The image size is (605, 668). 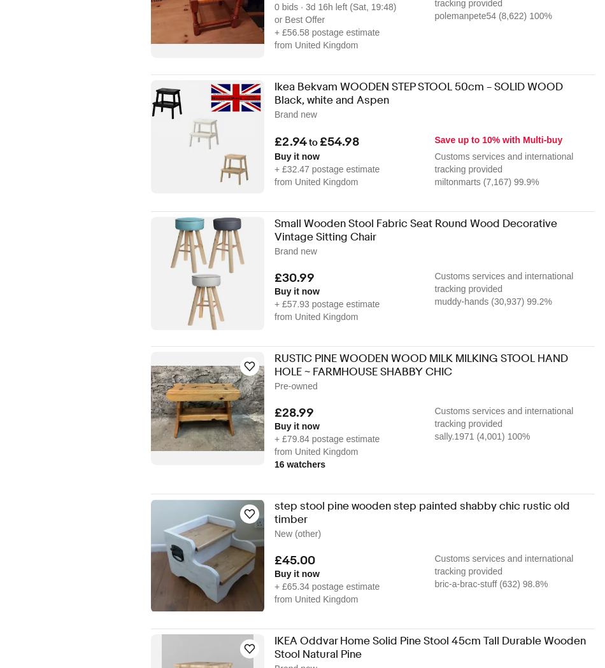 I want to click on '+ £65.34 postage estimate', so click(x=327, y=587).